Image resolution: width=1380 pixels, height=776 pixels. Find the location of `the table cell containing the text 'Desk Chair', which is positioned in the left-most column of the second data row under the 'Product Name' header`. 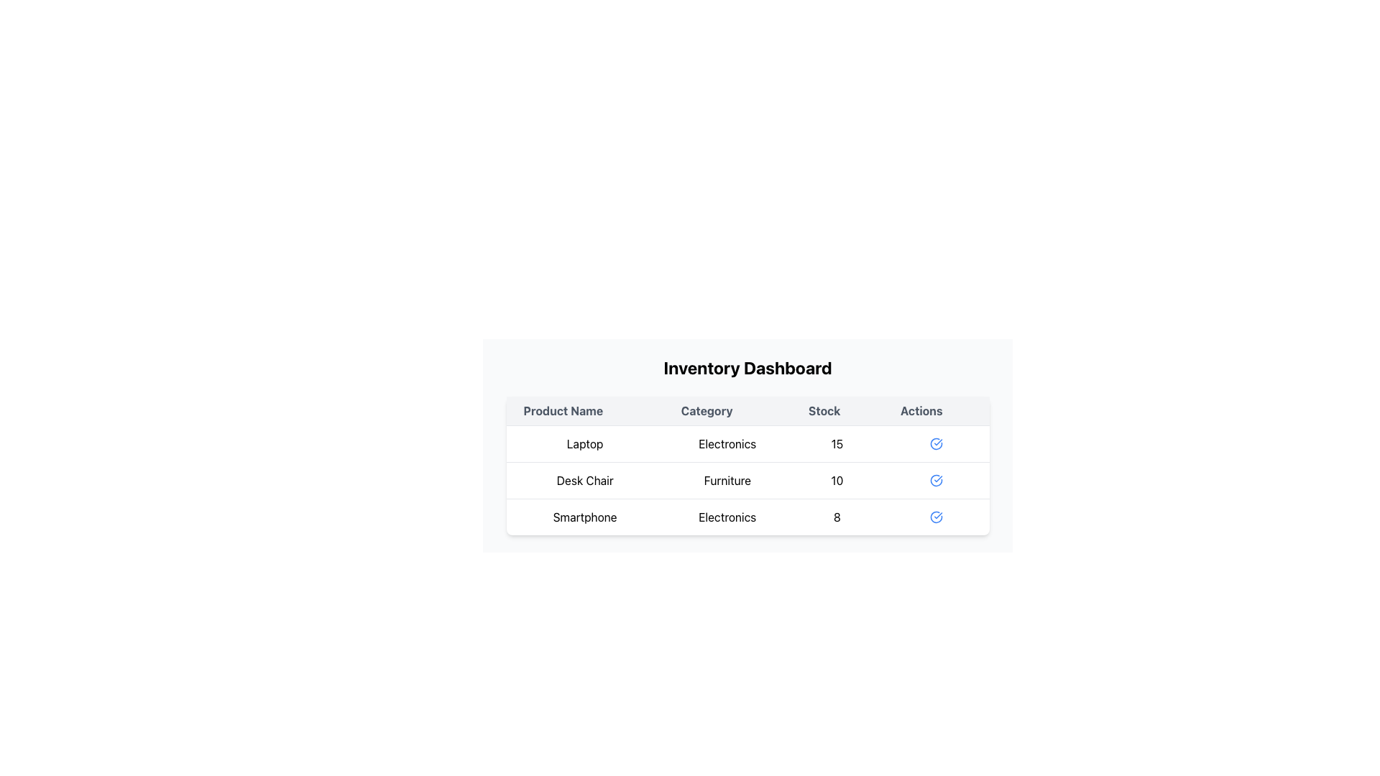

the table cell containing the text 'Desk Chair', which is positioned in the left-most column of the second data row under the 'Product Name' header is located at coordinates (585, 480).